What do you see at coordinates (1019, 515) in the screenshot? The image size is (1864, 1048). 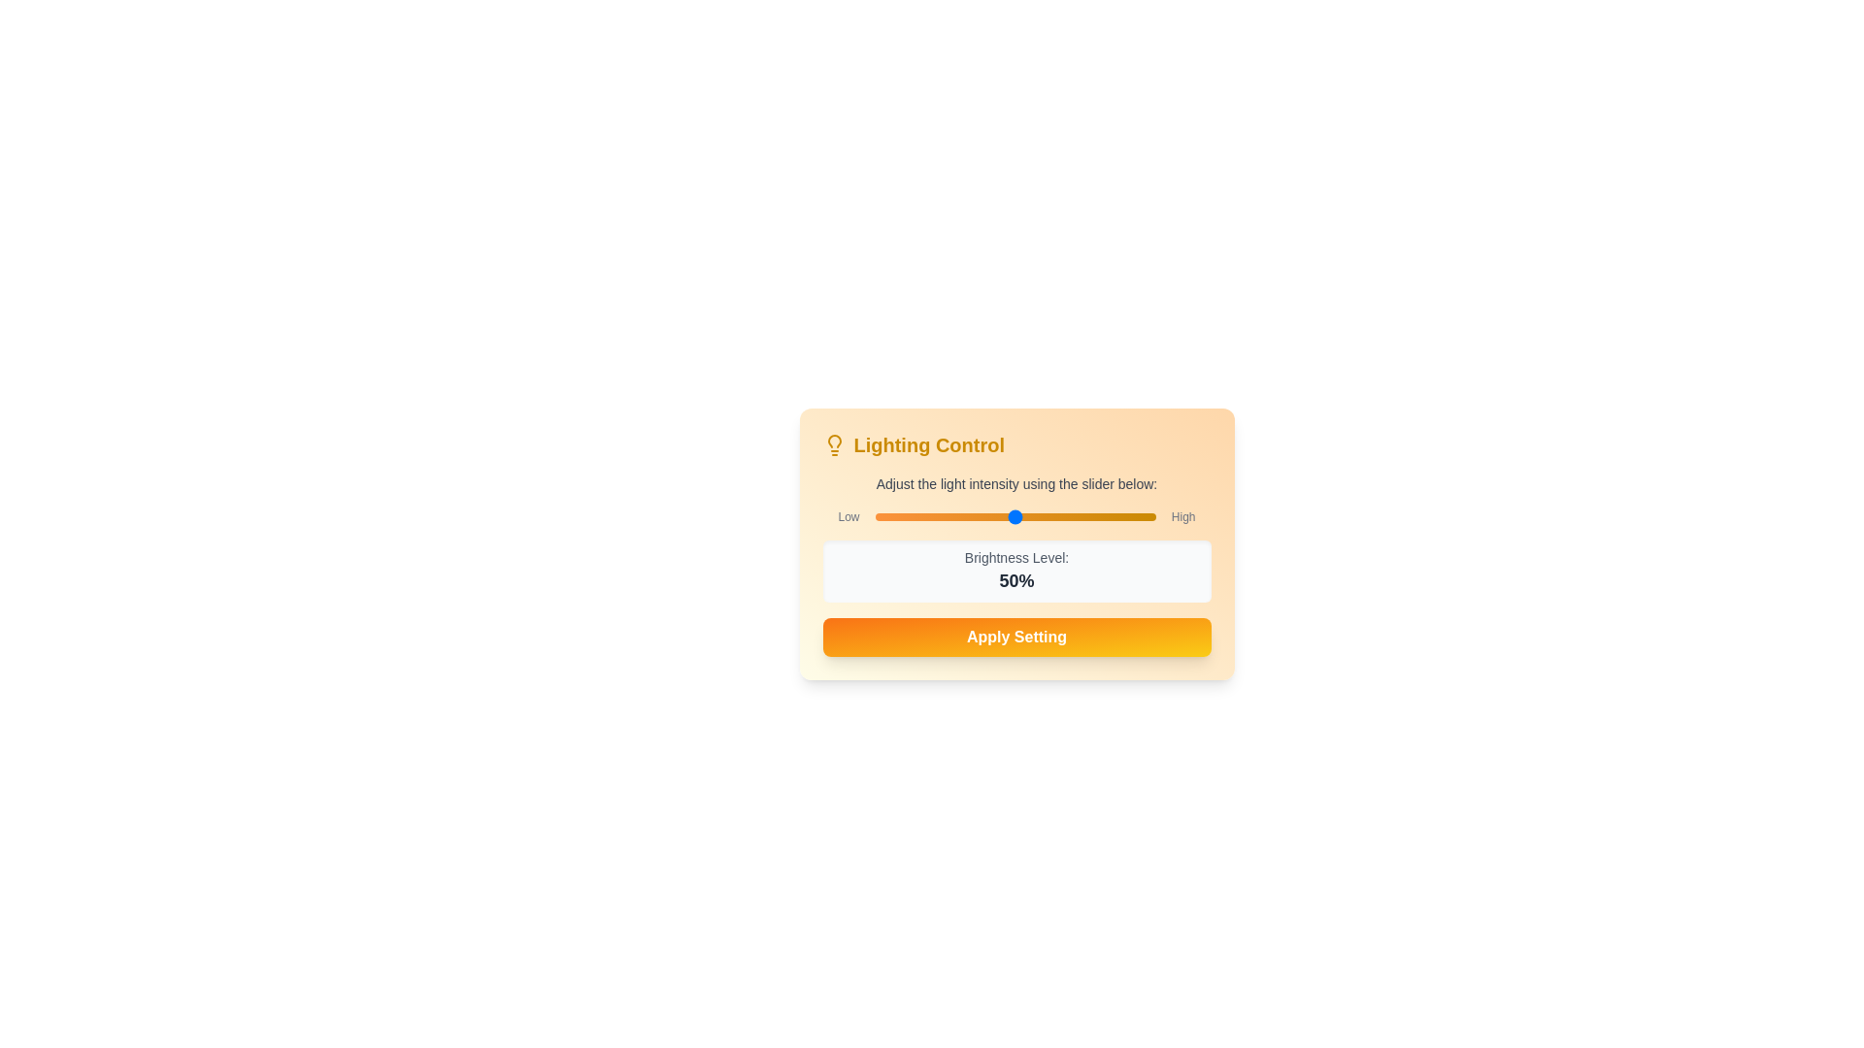 I see `brightness` at bounding box center [1019, 515].